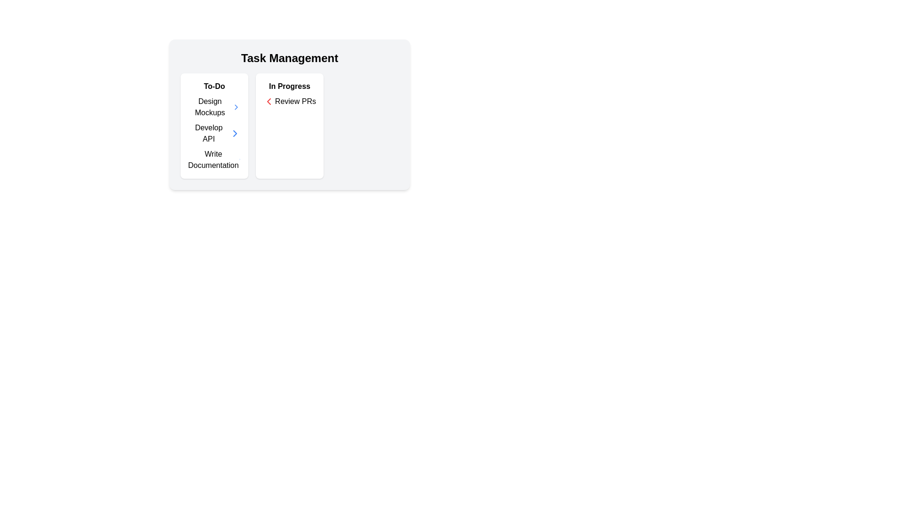 This screenshot has width=903, height=508. I want to click on the 'In Progress' card which features a bold title and a red arrow icon next to the subtitle 'Review PRs', so click(289, 125).